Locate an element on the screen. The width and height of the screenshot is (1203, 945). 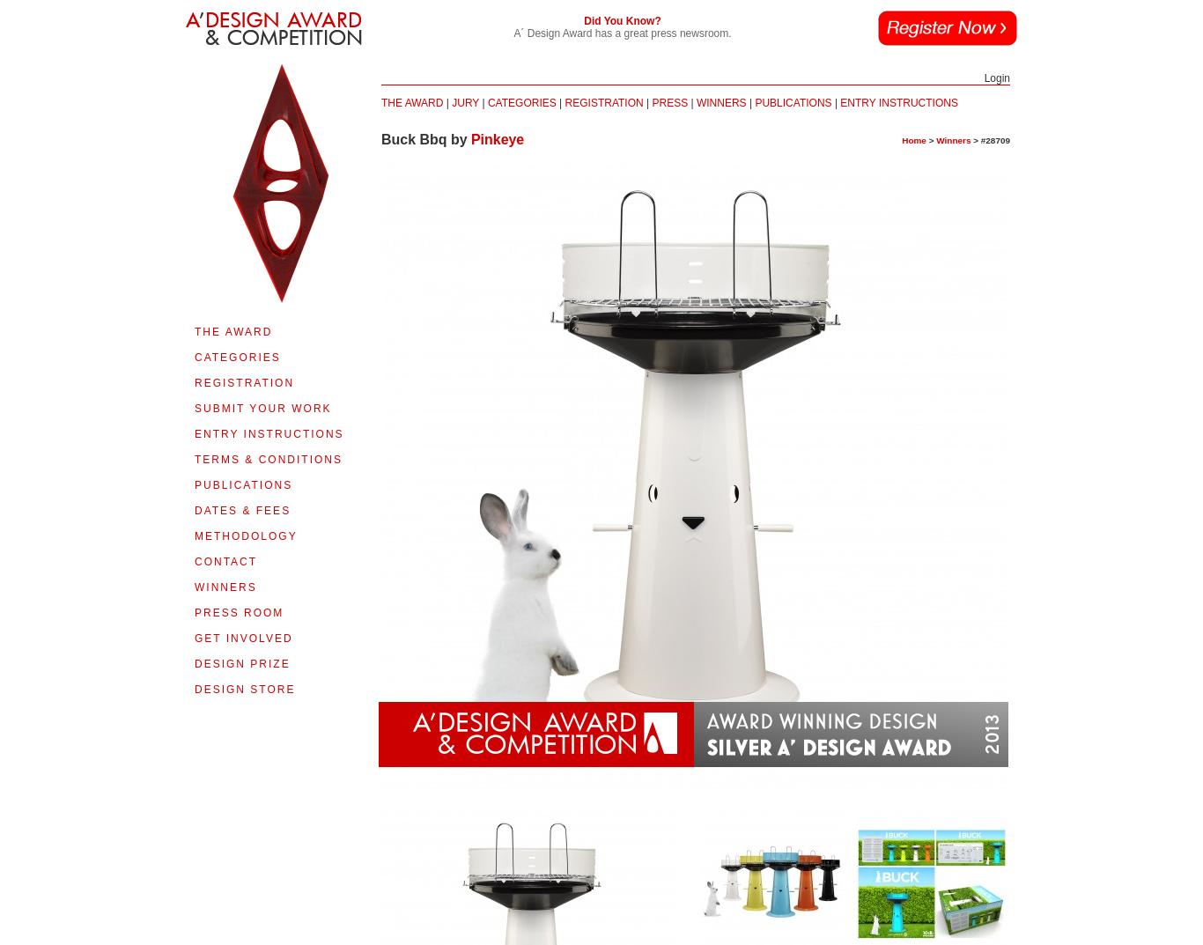
'Buck Bbq by' is located at coordinates (425, 138).